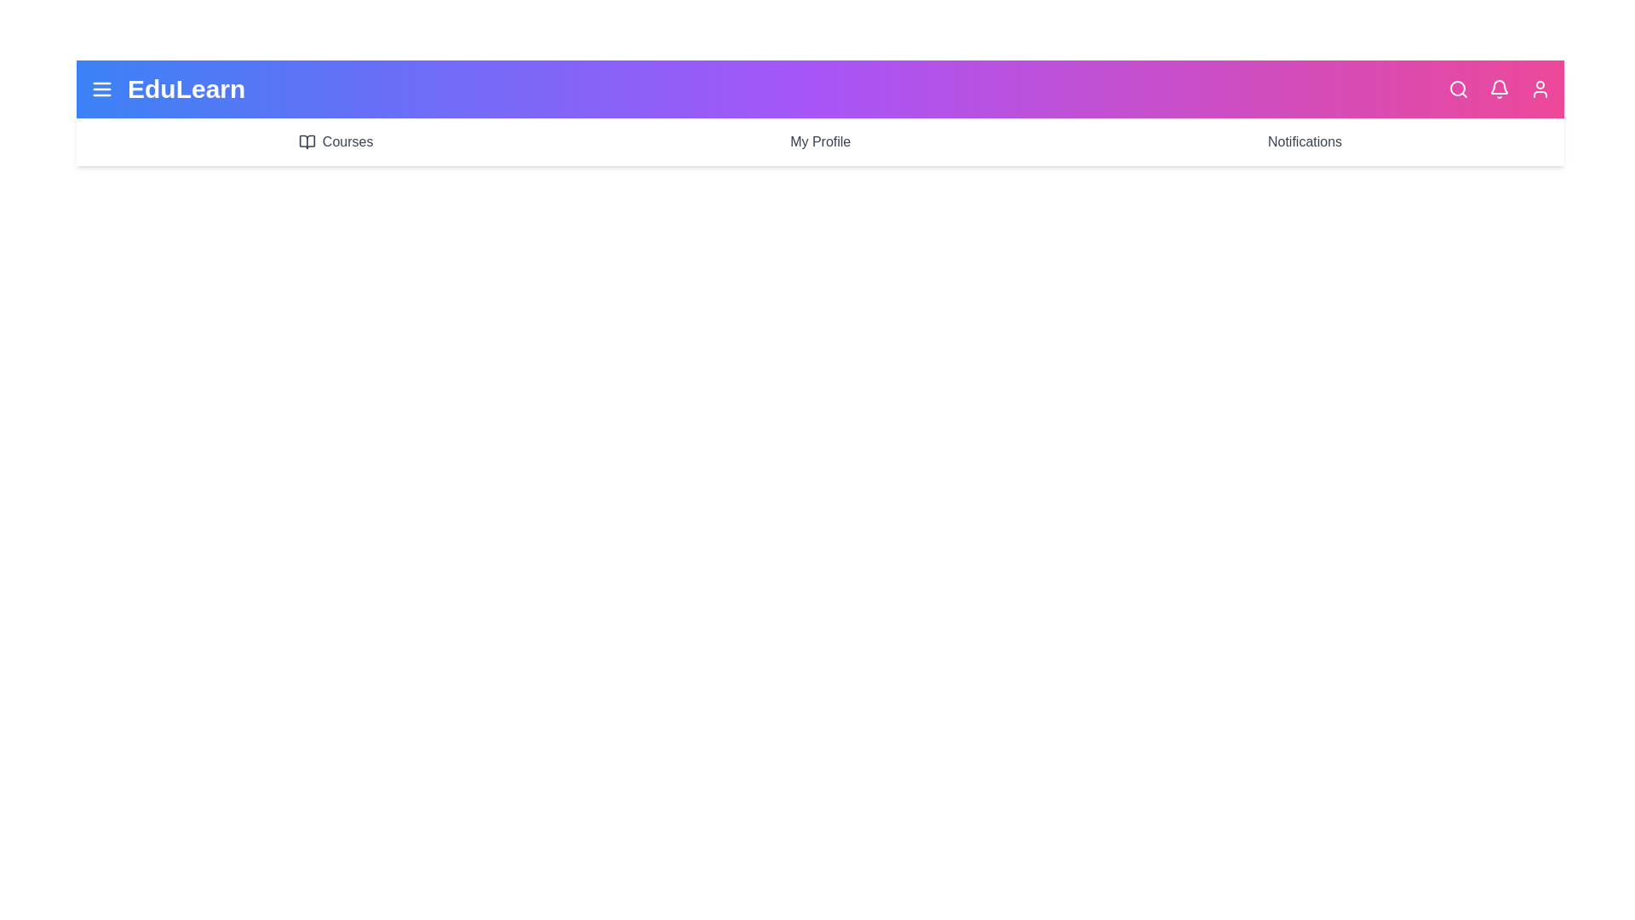 The image size is (1635, 920). Describe the element at coordinates (101, 89) in the screenshot. I see `the menu icon to toggle the menu visibility` at that location.